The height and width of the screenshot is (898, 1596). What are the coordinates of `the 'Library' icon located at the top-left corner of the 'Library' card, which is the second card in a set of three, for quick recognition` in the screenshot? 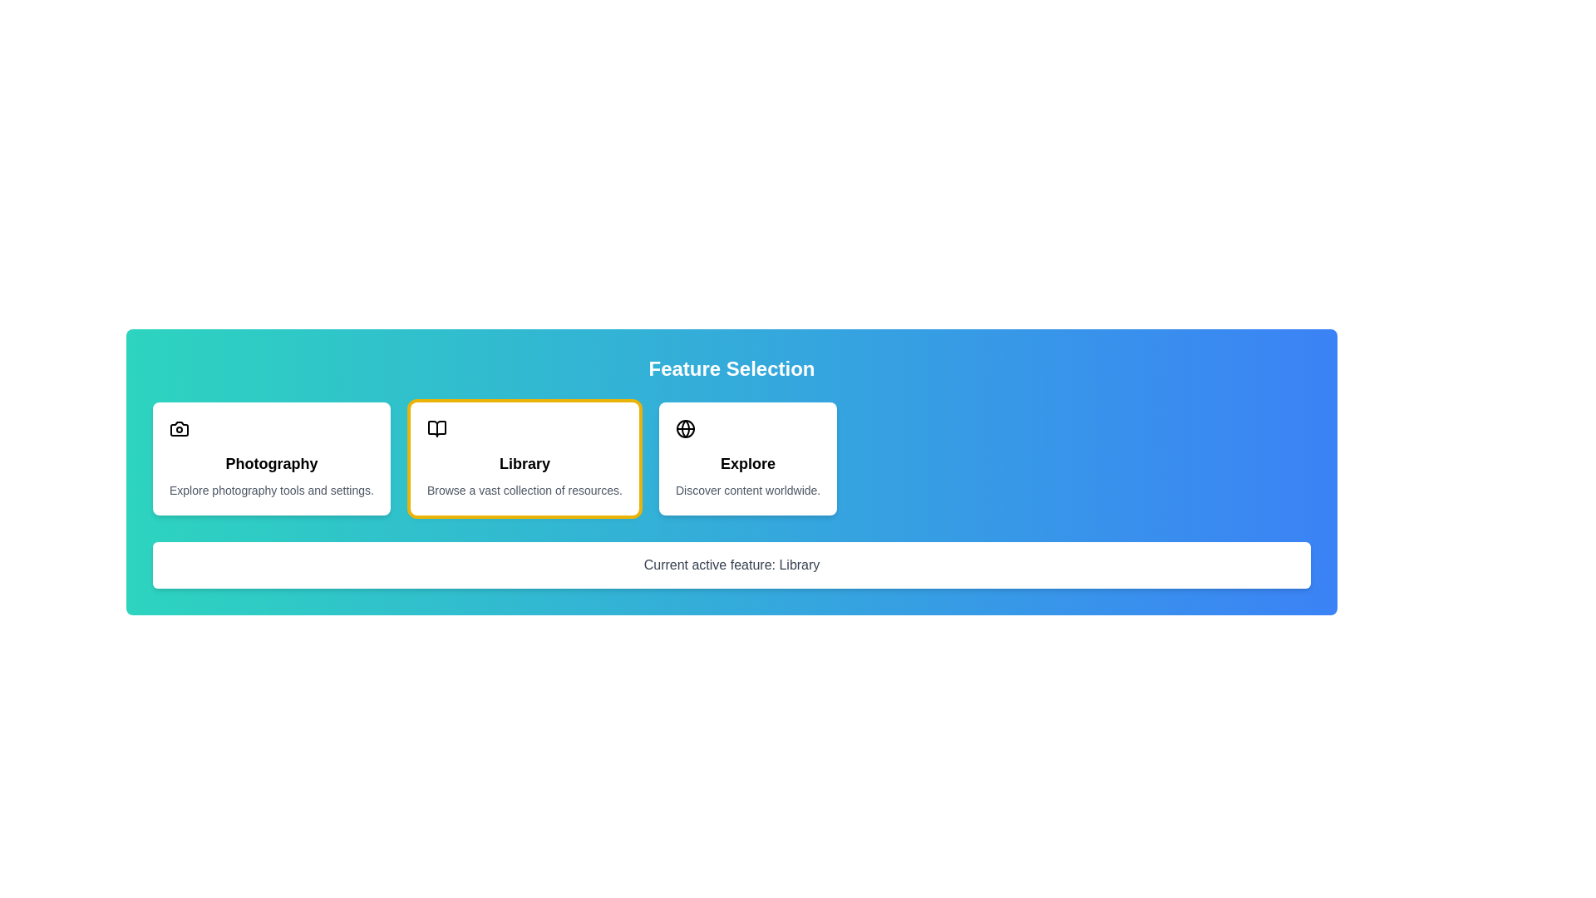 It's located at (436, 428).